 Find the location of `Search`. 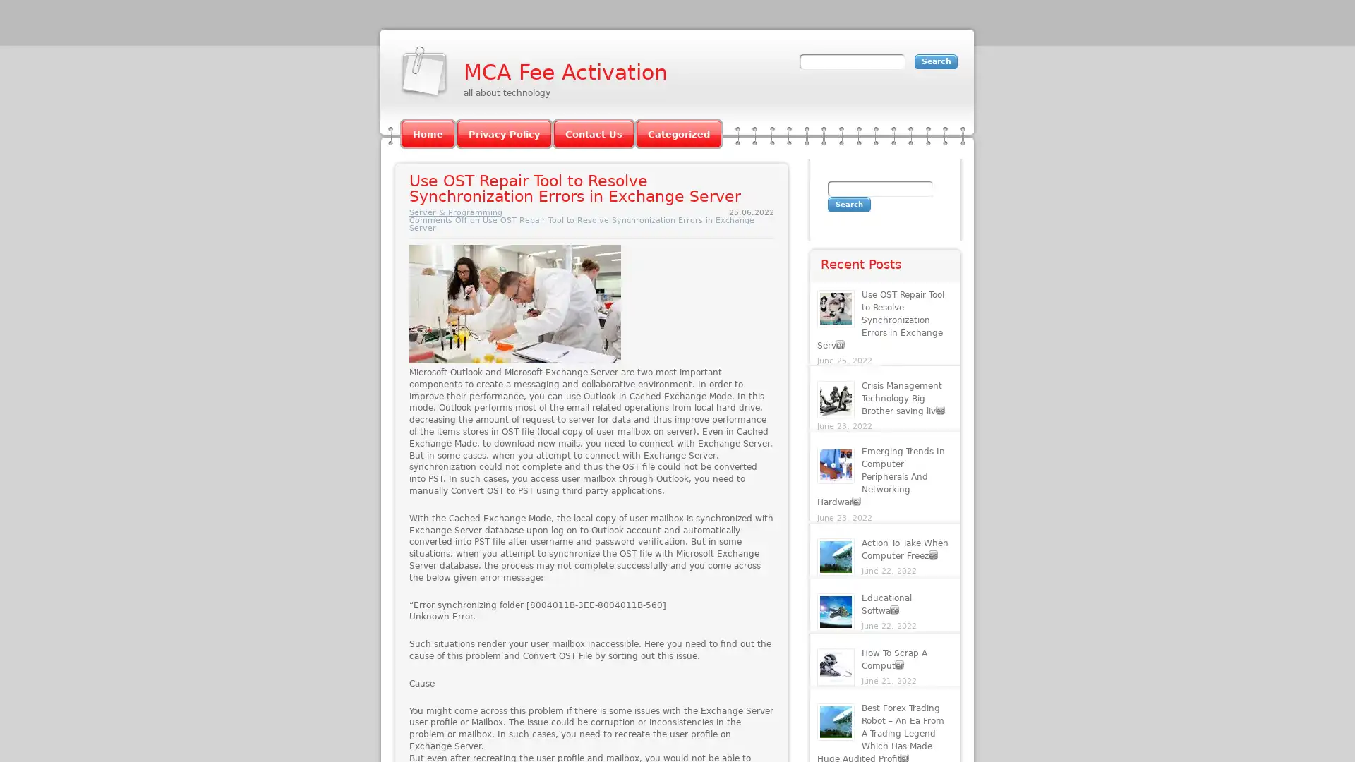

Search is located at coordinates (848, 204).